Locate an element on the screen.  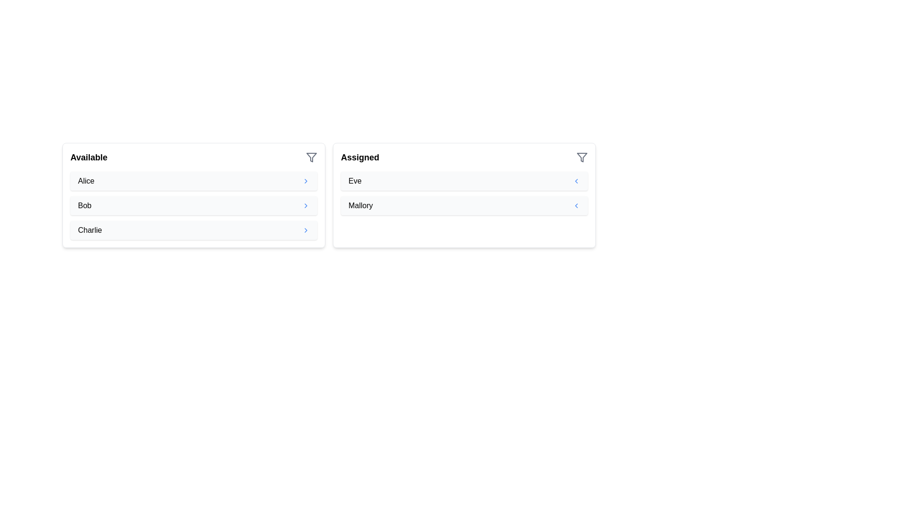
the filter icon for the 'Available' list to open the filter menu is located at coordinates (311, 157).